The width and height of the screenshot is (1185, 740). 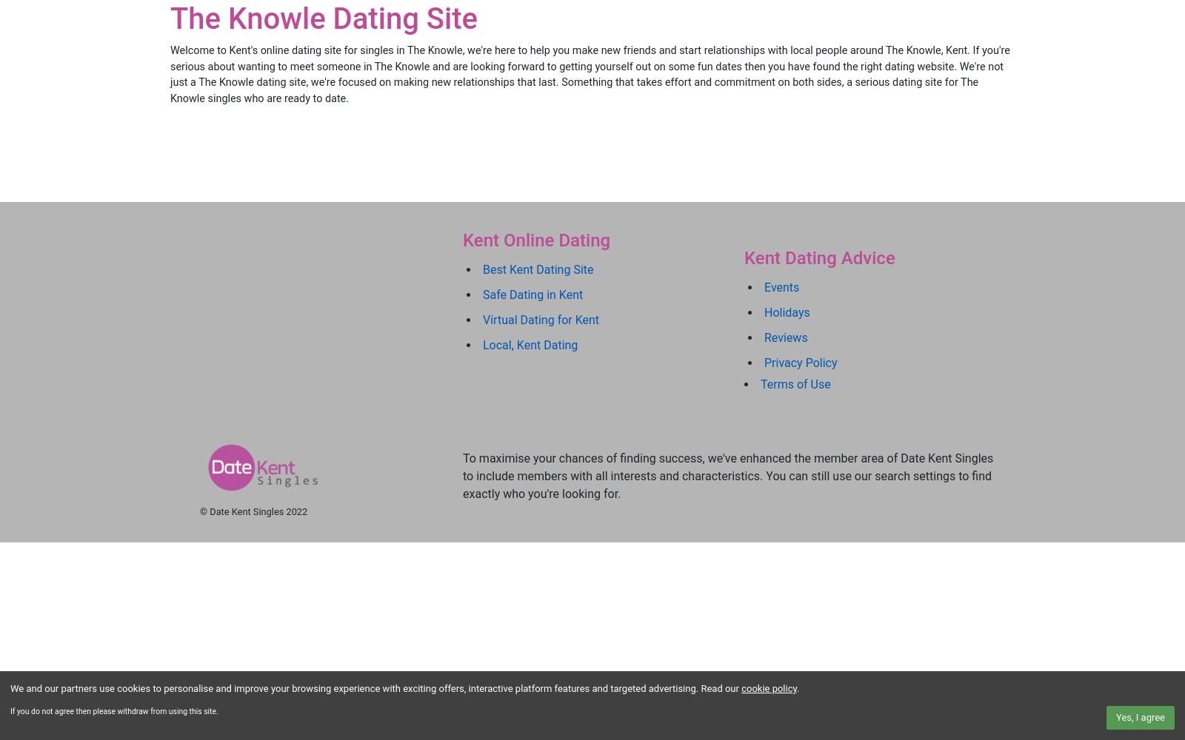 I want to click on 'Virtual Dating for Kent', so click(x=541, y=319).